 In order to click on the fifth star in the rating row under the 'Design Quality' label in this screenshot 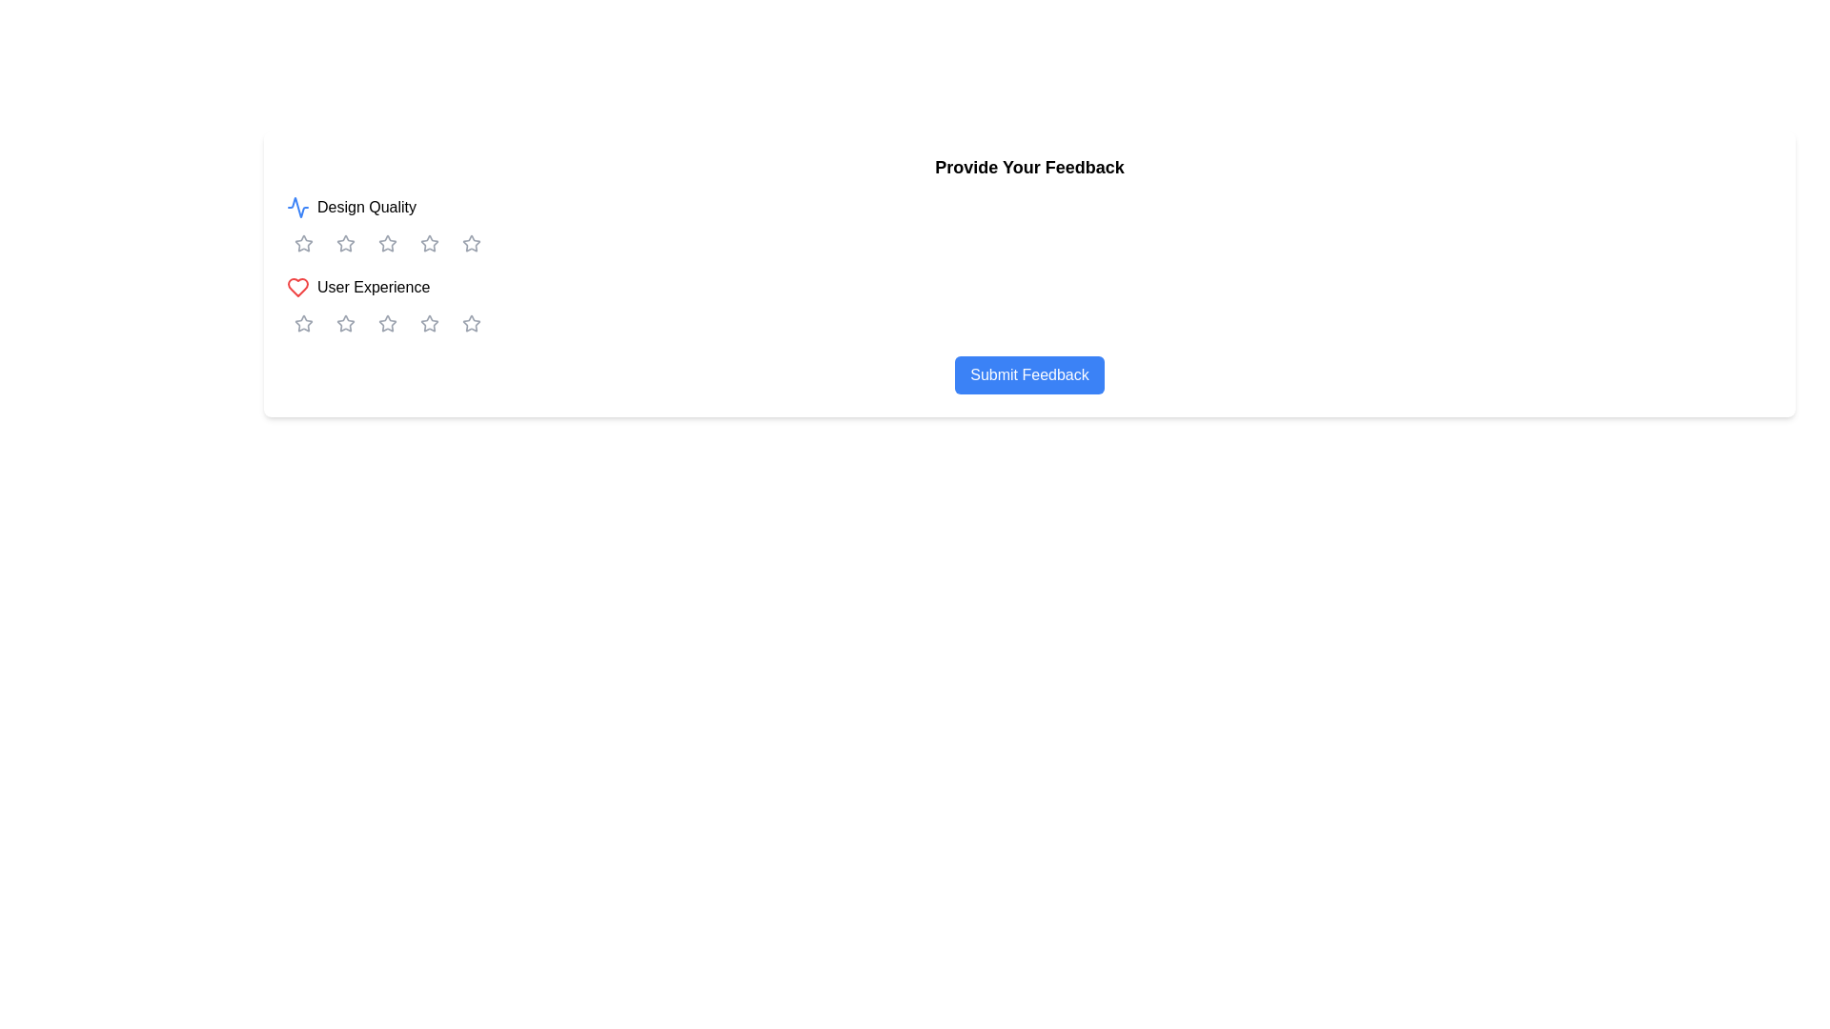, I will do `click(471, 242)`.